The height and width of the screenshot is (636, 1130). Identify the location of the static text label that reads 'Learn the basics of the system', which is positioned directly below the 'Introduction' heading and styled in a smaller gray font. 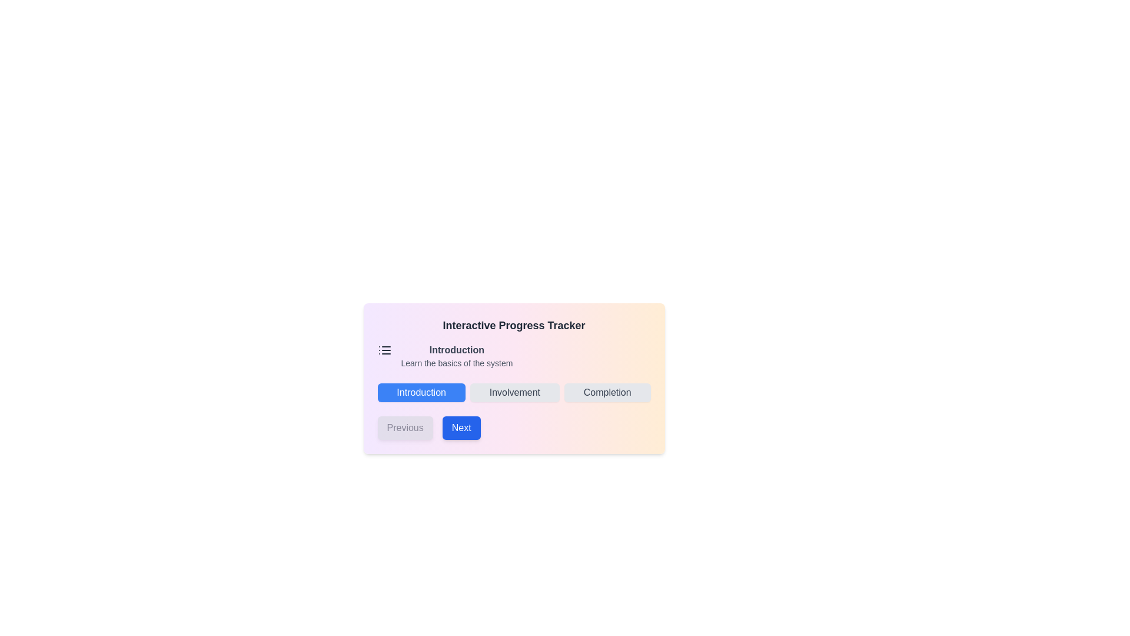
(456, 363).